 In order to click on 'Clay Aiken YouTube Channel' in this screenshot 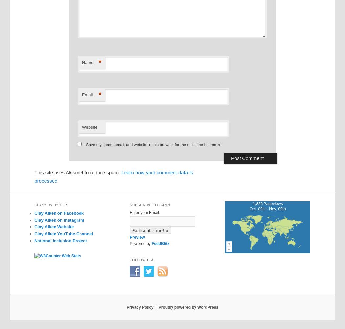, I will do `click(34, 233)`.